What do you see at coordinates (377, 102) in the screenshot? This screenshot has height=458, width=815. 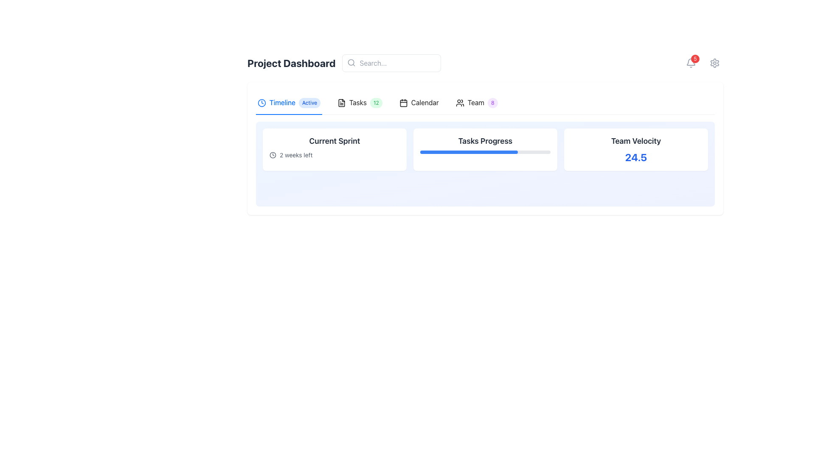 I see `the second navigation tab in the upper-central region of the interface` at bounding box center [377, 102].